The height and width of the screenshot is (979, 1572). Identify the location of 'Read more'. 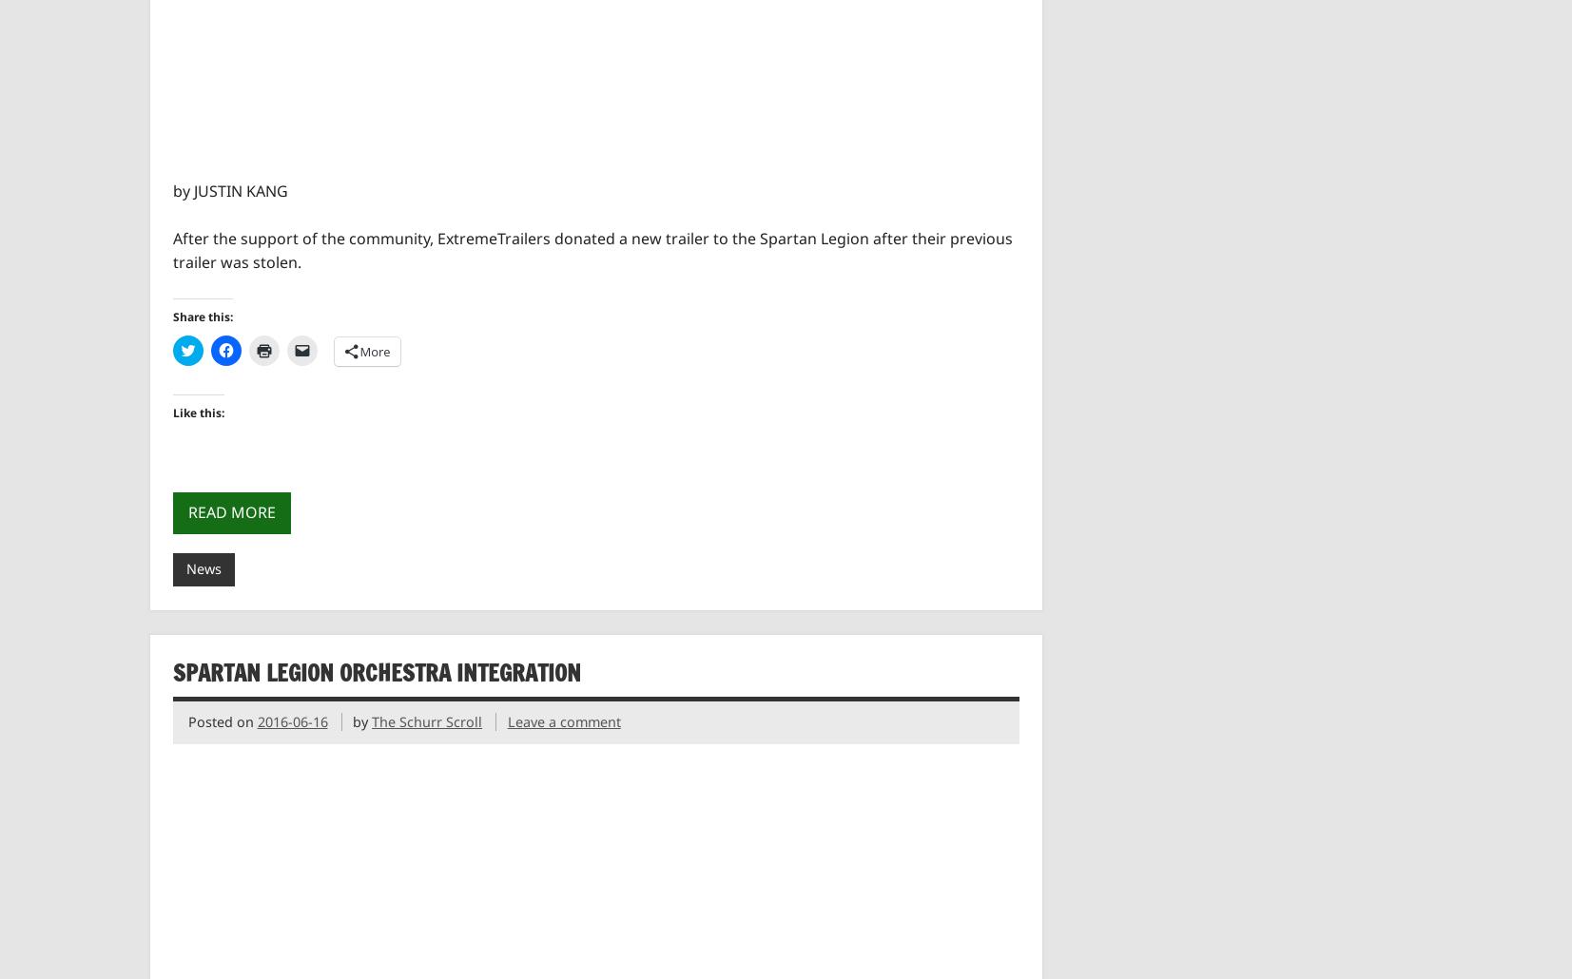
(229, 511).